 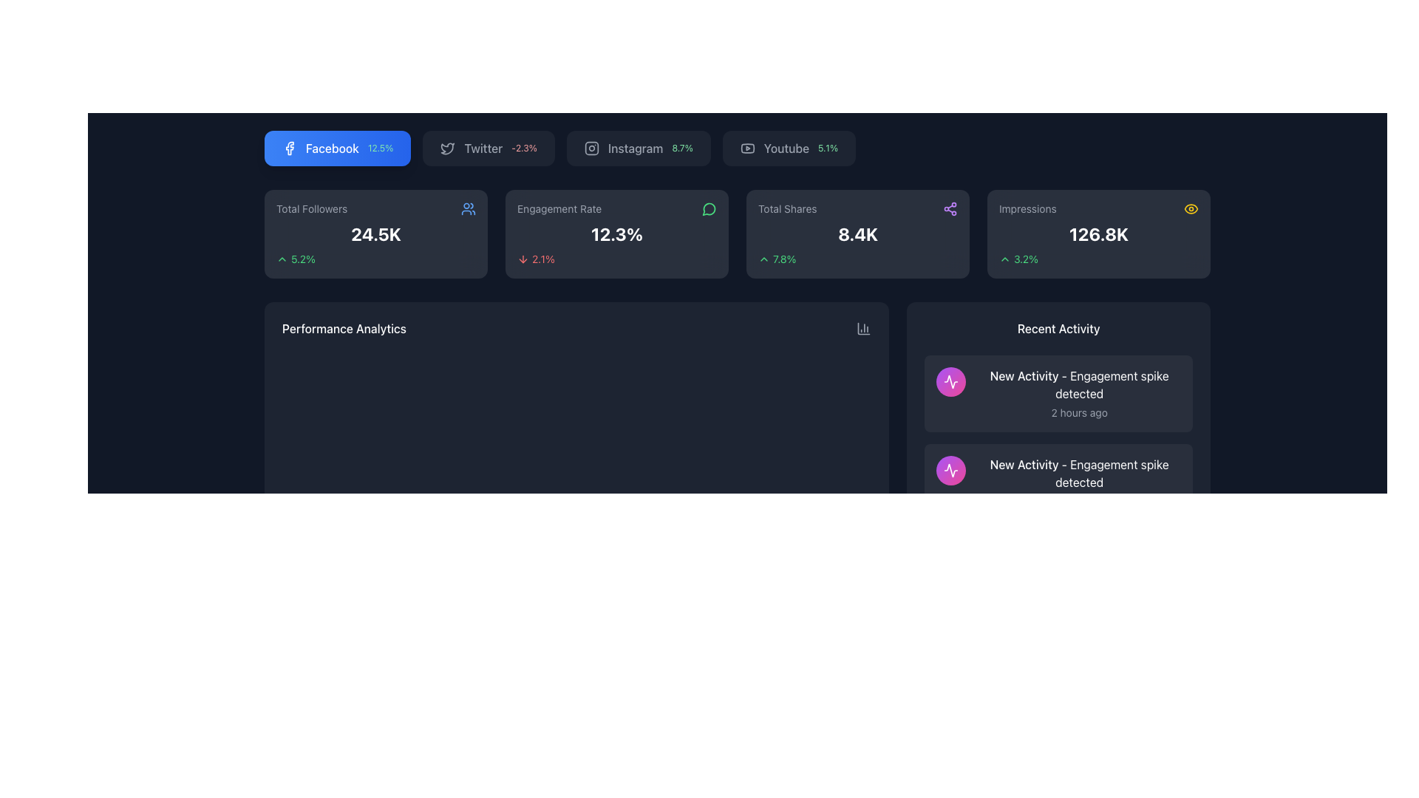 What do you see at coordinates (290, 148) in the screenshot?
I see `the Facebook logo graphical icon, which is an outlined icon with no fill and a thin stroke width, located within the Facebook button near the top-left corner of the interface` at bounding box center [290, 148].